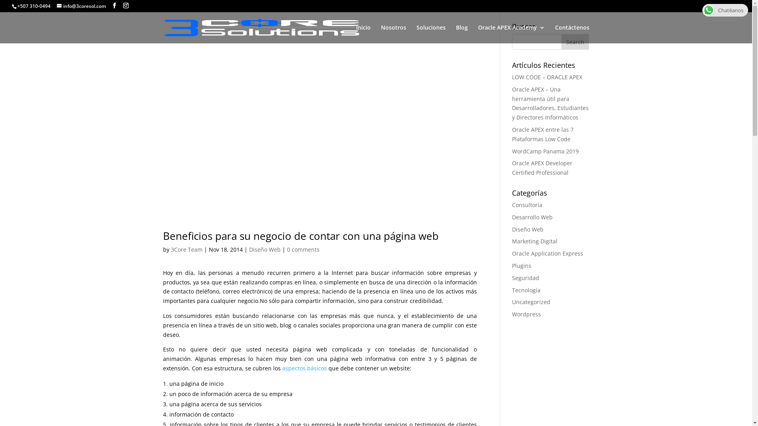 The height and width of the screenshot is (426, 758). I want to click on 'Oracle Application Express', so click(547, 253).